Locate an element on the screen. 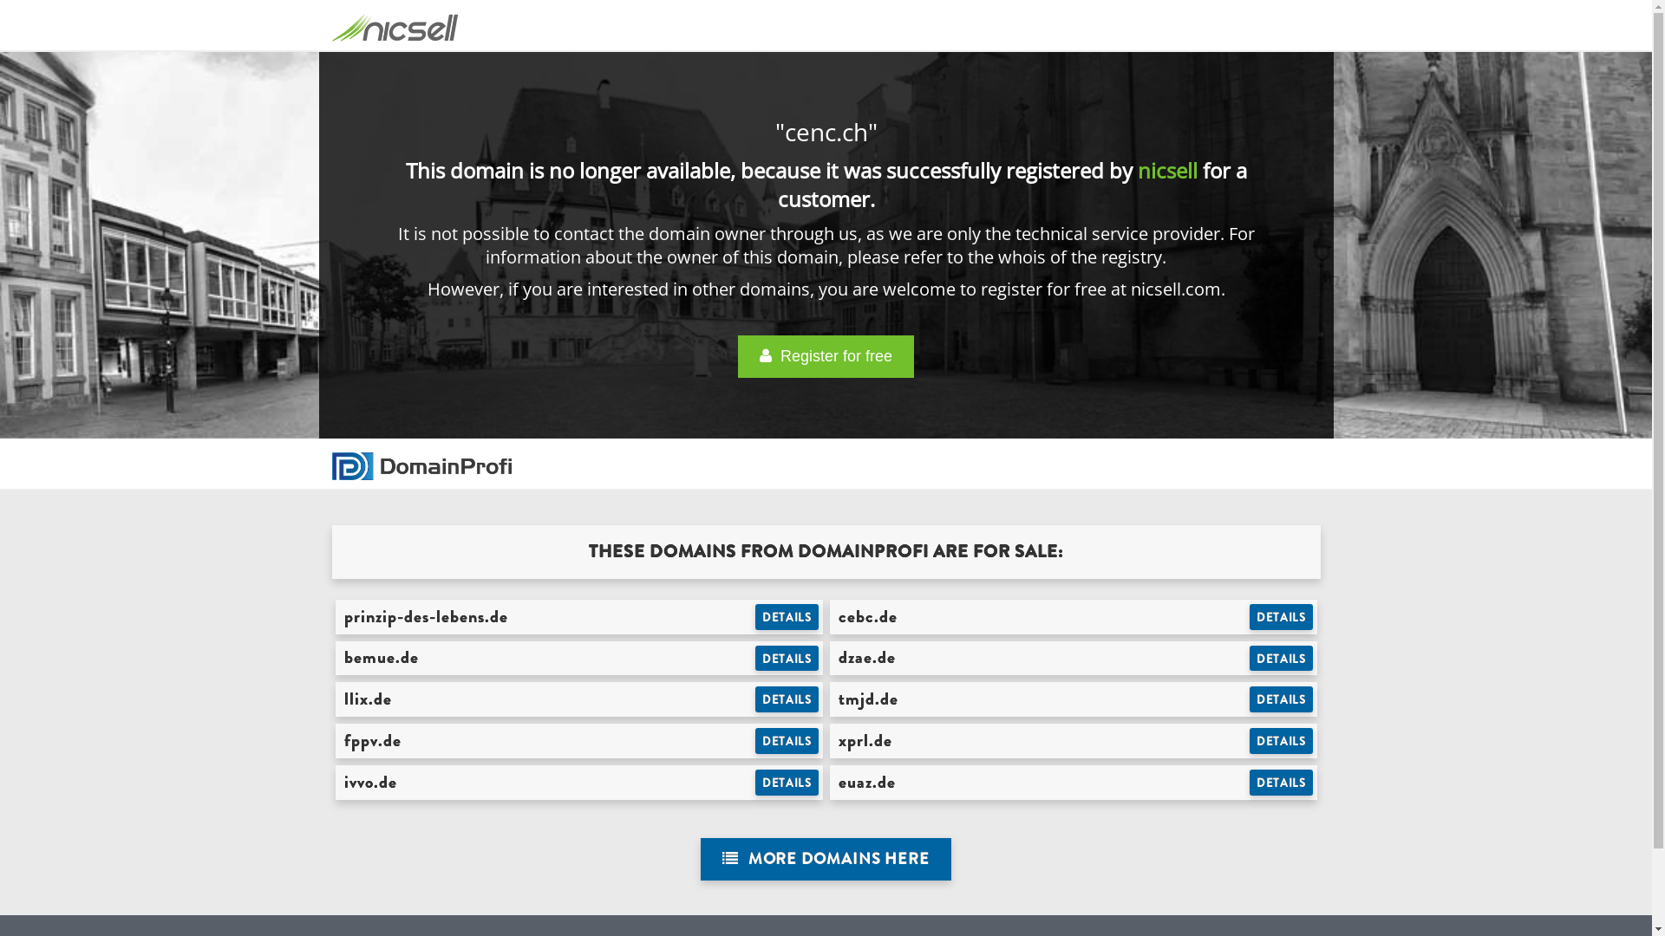 The height and width of the screenshot is (936, 1665). 'DETAILS' is located at coordinates (786, 698).